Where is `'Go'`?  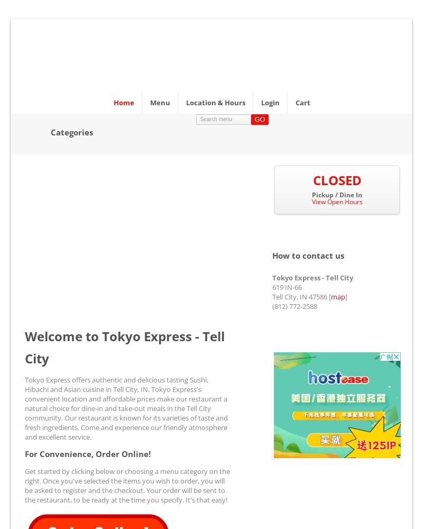
'Go' is located at coordinates (260, 118).